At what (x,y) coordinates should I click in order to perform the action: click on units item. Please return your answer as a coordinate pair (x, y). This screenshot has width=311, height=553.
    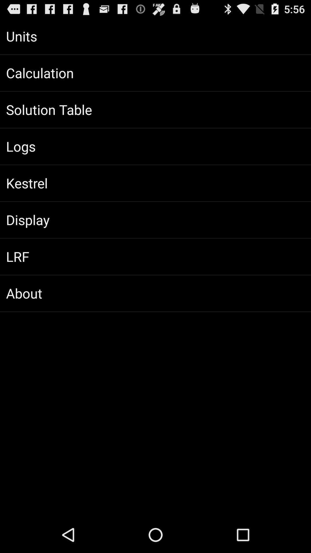
    Looking at the image, I should click on (155, 36).